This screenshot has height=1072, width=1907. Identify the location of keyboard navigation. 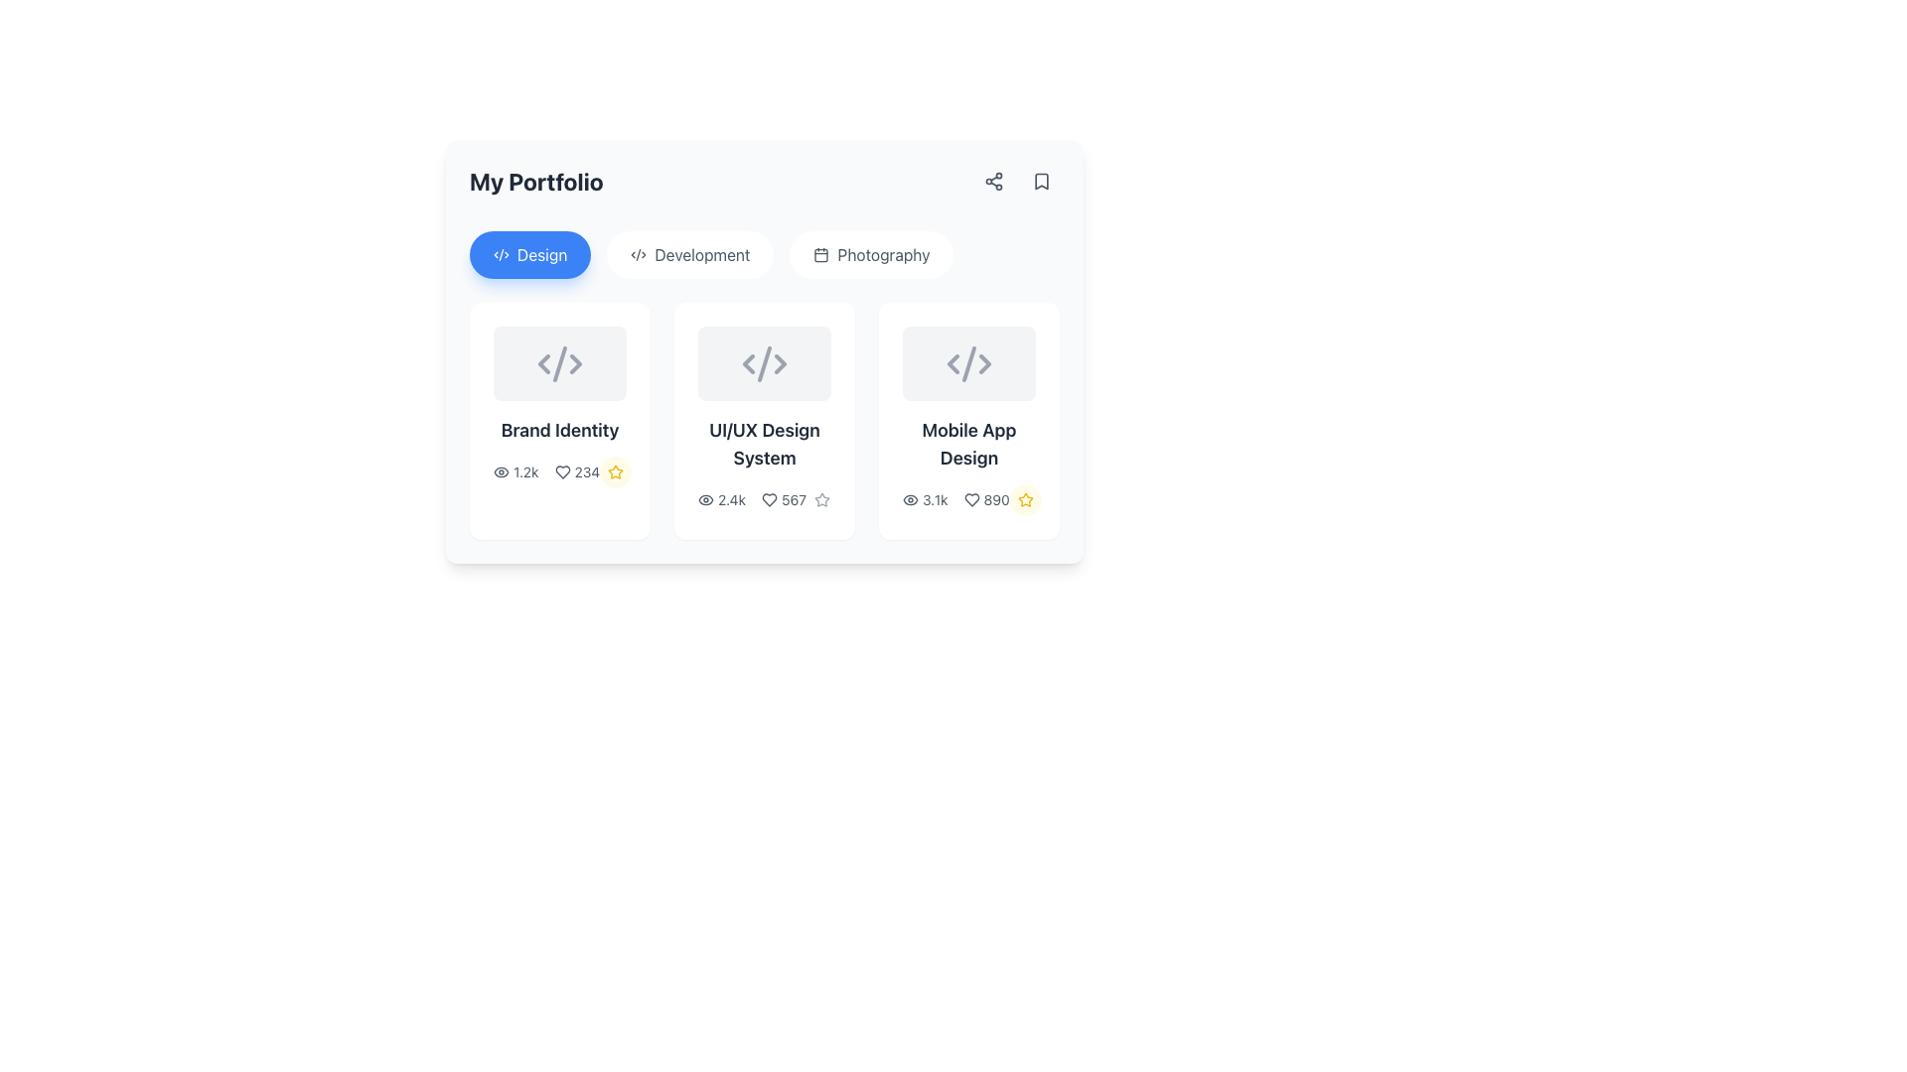
(821, 254).